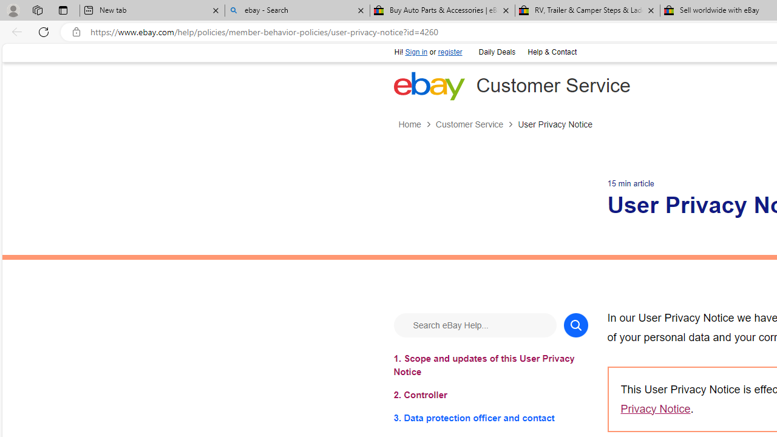  What do you see at coordinates (551, 50) in the screenshot?
I see `'Help & Contact'` at bounding box center [551, 50].